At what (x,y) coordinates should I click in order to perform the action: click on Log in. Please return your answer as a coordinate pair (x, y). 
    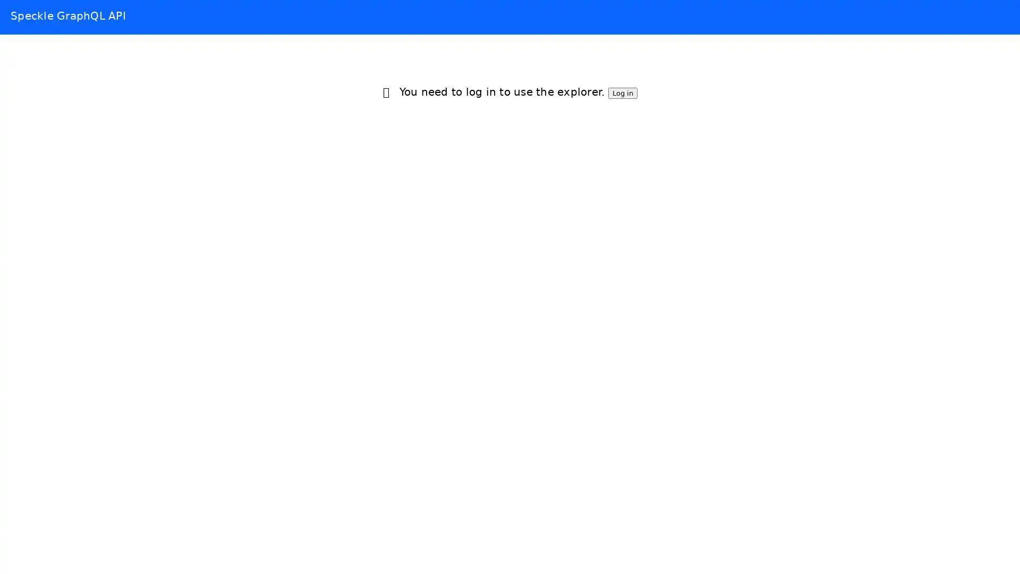
    Looking at the image, I should click on (622, 92).